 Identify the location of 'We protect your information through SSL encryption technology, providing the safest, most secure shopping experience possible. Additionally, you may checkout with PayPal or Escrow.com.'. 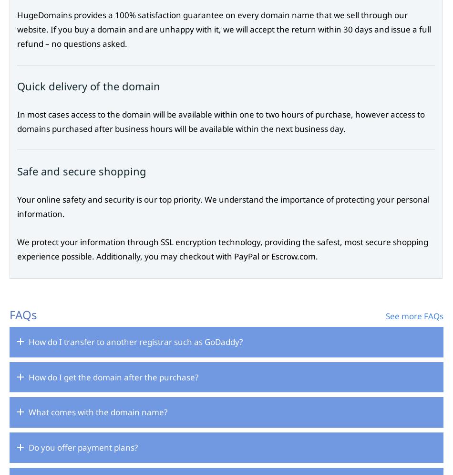
(222, 248).